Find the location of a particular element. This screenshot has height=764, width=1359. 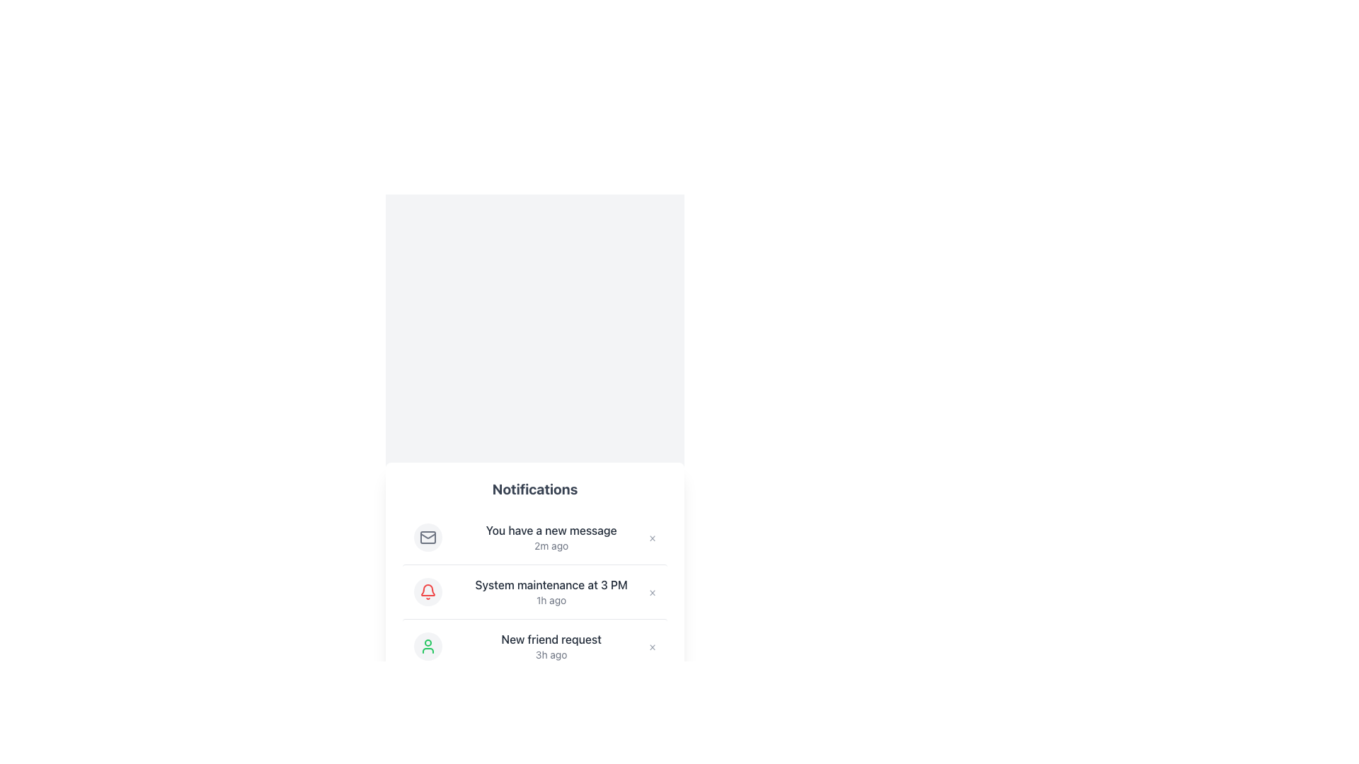

the dismiss button located at the top-right corner of the 'New friend request' notification is located at coordinates (652, 647).